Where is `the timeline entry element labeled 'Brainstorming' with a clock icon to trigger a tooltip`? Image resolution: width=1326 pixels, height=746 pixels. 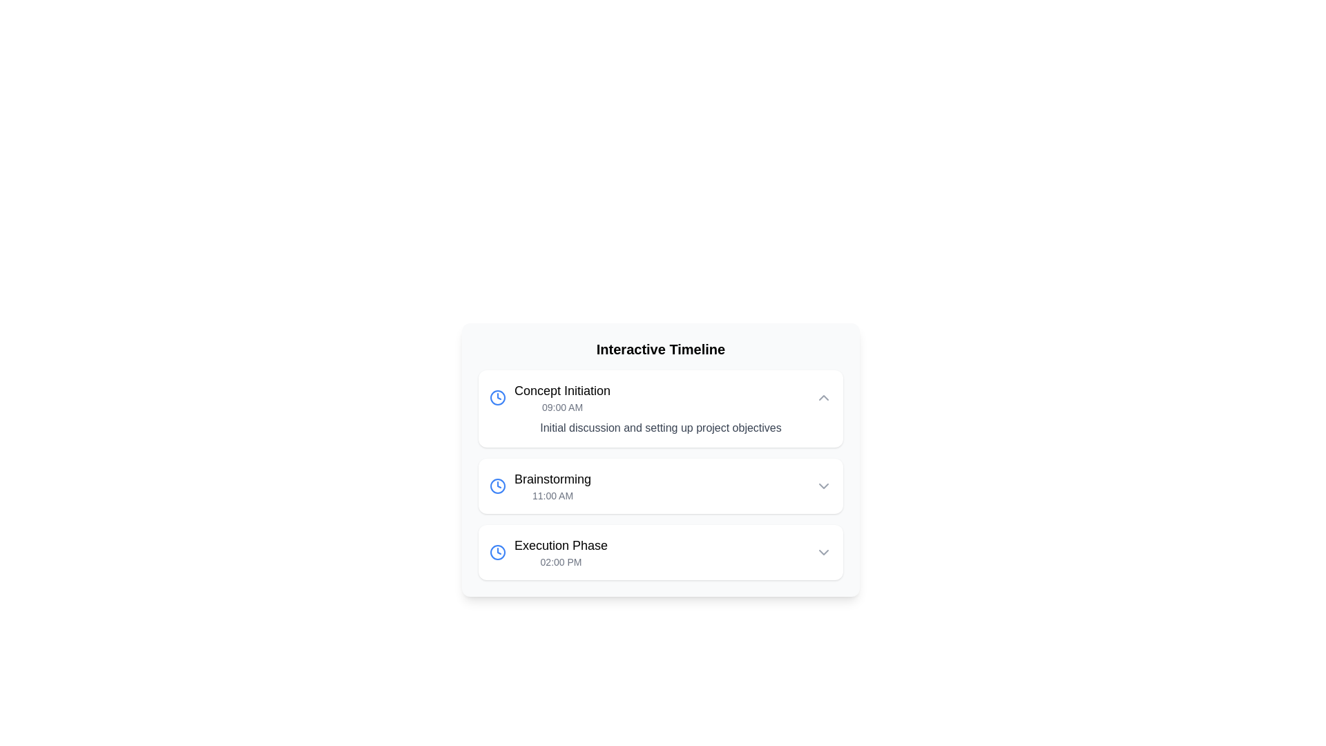
the timeline entry element labeled 'Brainstorming' with a clock icon to trigger a tooltip is located at coordinates (539, 486).